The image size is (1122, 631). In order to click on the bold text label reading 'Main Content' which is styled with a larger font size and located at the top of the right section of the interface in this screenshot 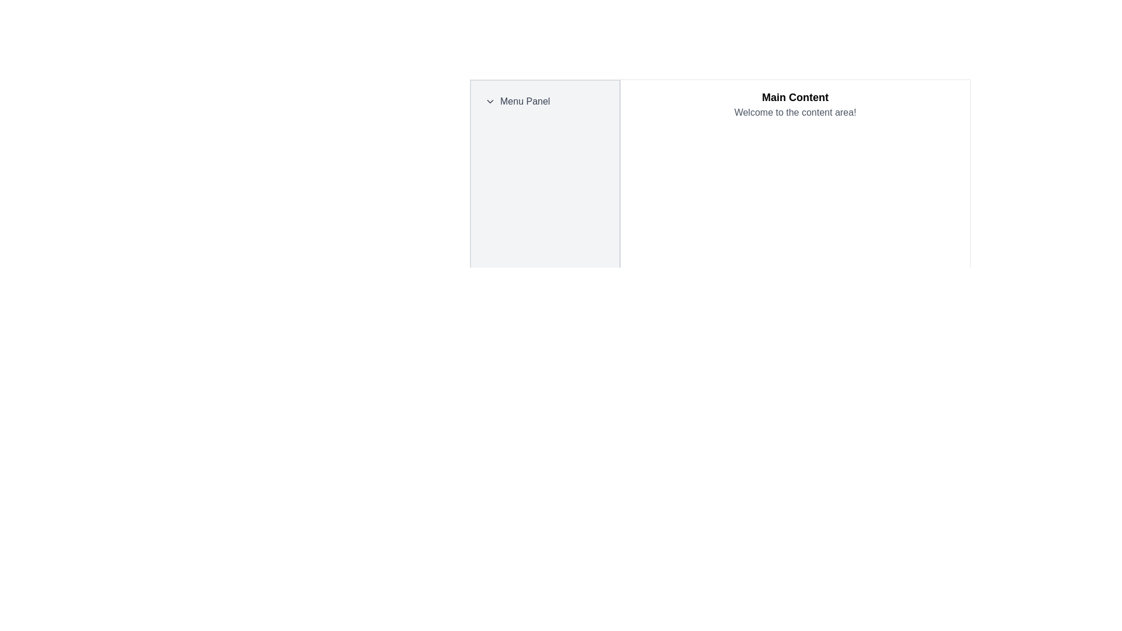, I will do `click(795, 96)`.